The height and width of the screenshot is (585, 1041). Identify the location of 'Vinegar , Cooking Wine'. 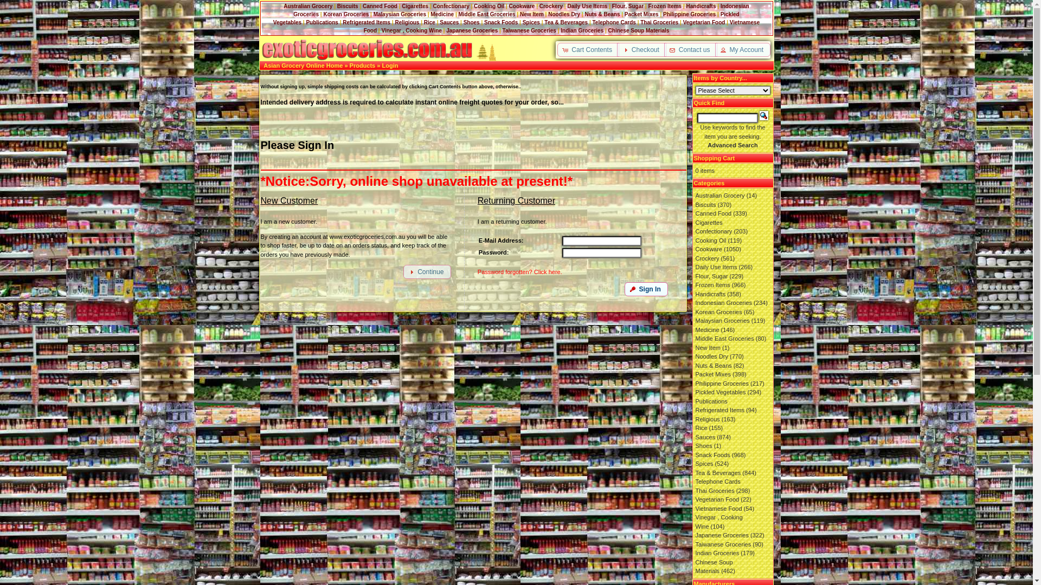
(410, 30).